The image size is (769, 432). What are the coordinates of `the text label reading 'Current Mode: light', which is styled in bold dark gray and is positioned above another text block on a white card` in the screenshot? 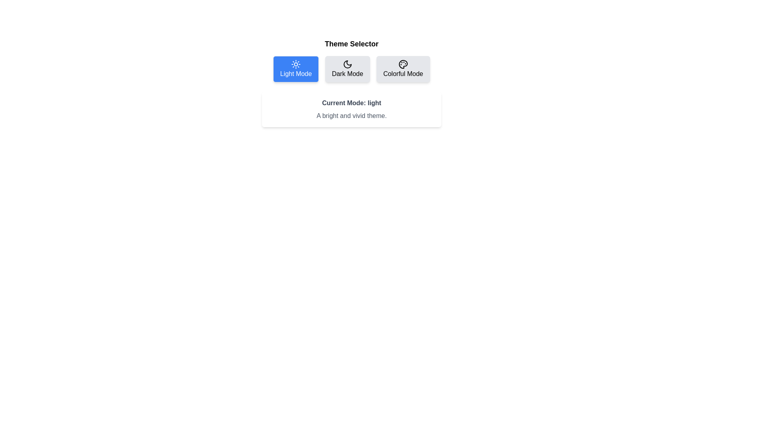 It's located at (352, 103).